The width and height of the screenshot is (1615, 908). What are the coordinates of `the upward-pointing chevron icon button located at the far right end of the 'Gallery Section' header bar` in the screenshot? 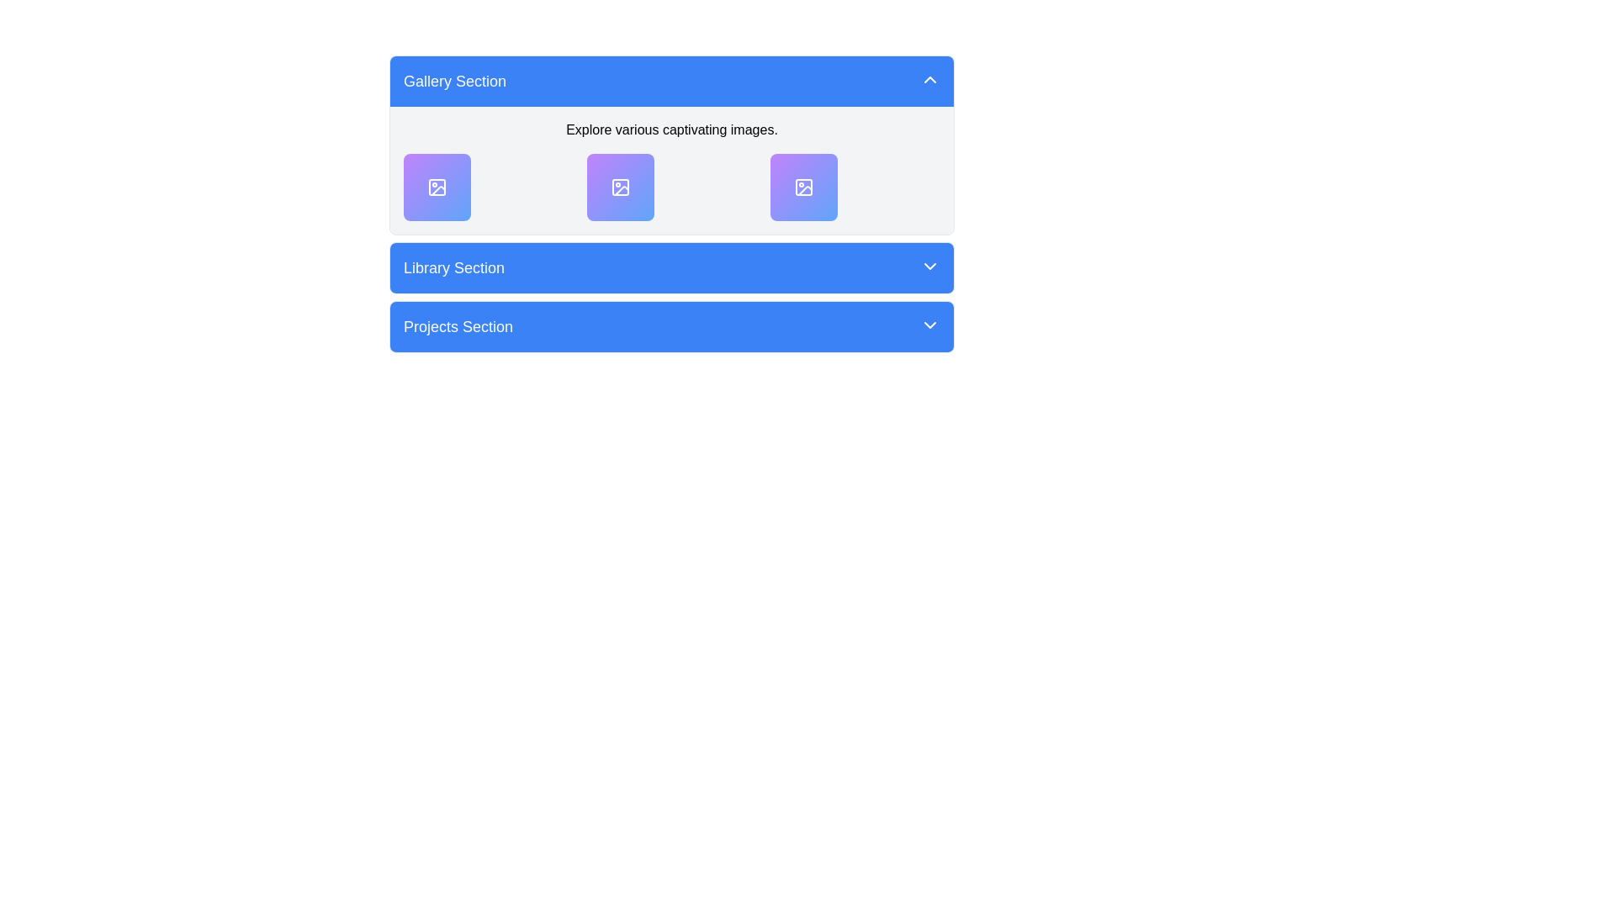 It's located at (929, 80).